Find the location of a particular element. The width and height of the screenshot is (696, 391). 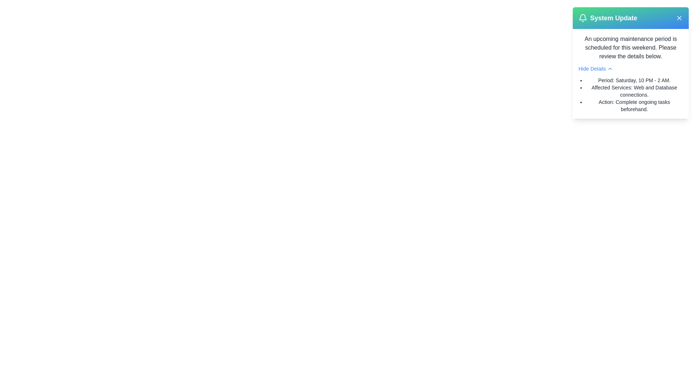

close button located at the top-right corner of the alert is located at coordinates (679, 18).